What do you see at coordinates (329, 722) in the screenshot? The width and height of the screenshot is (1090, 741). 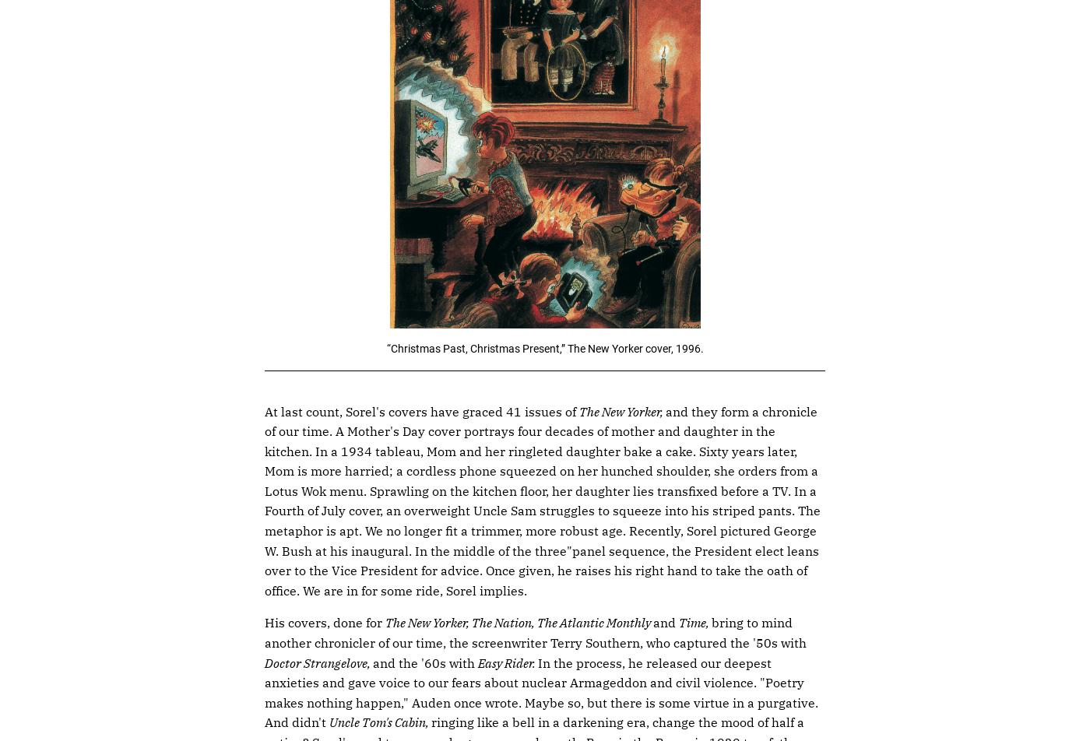 I see `'Uncle Tom's Cabin,'` at bounding box center [329, 722].